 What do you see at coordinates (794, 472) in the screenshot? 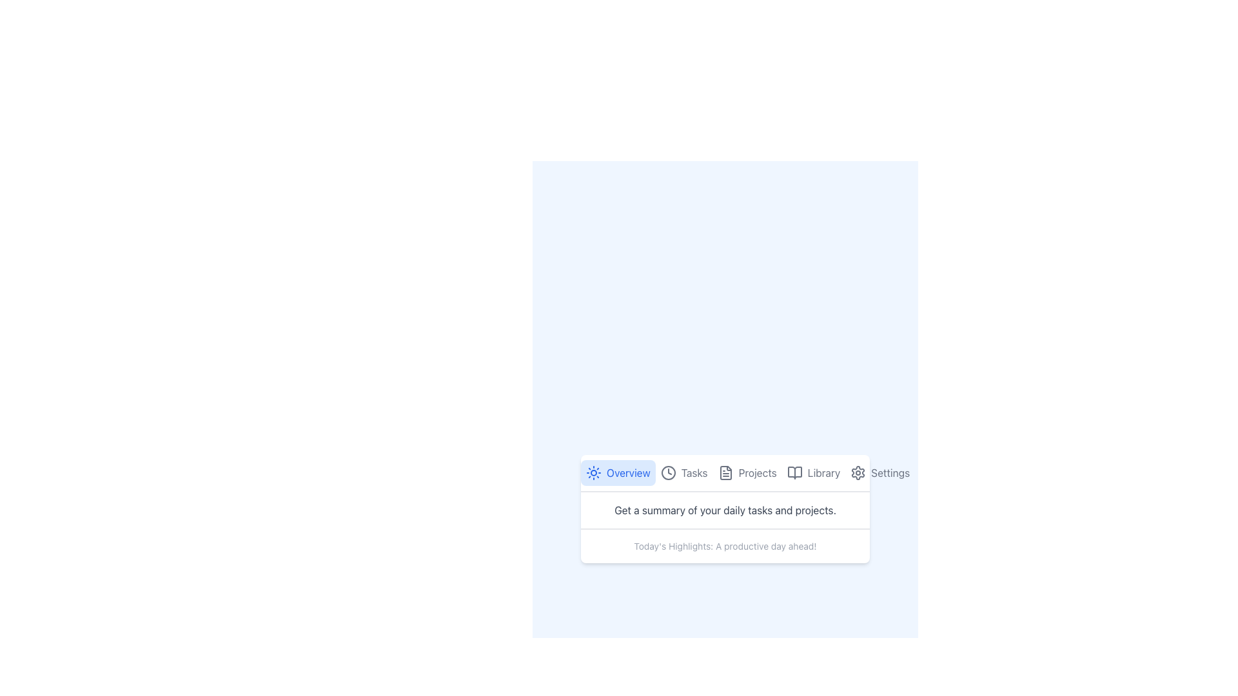
I see `the open book icon that represents the library section in the navigation bar, located directly to the left of the 'Library' label` at bounding box center [794, 472].